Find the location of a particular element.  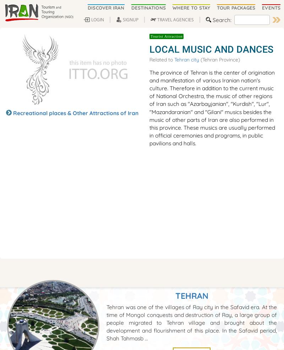

'Recreational places & Other Attractions of Iran' is located at coordinates (76, 112).